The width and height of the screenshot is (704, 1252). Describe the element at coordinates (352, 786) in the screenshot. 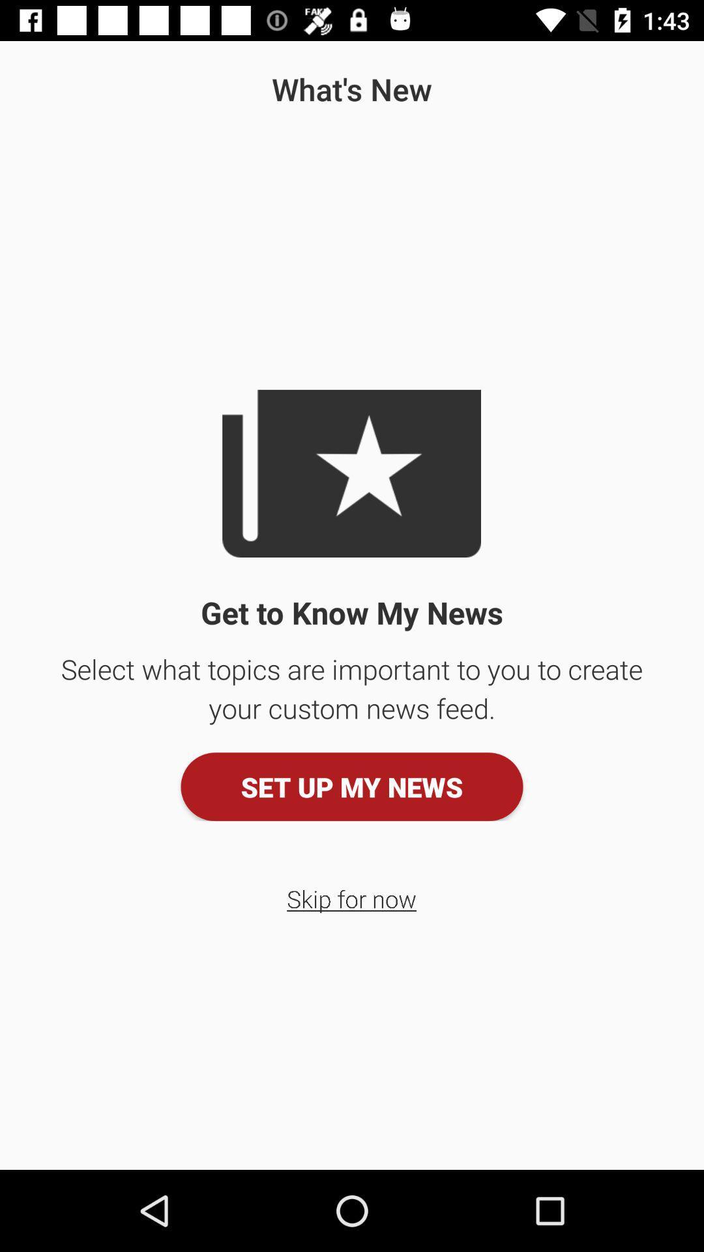

I see `the item above skip for now` at that location.